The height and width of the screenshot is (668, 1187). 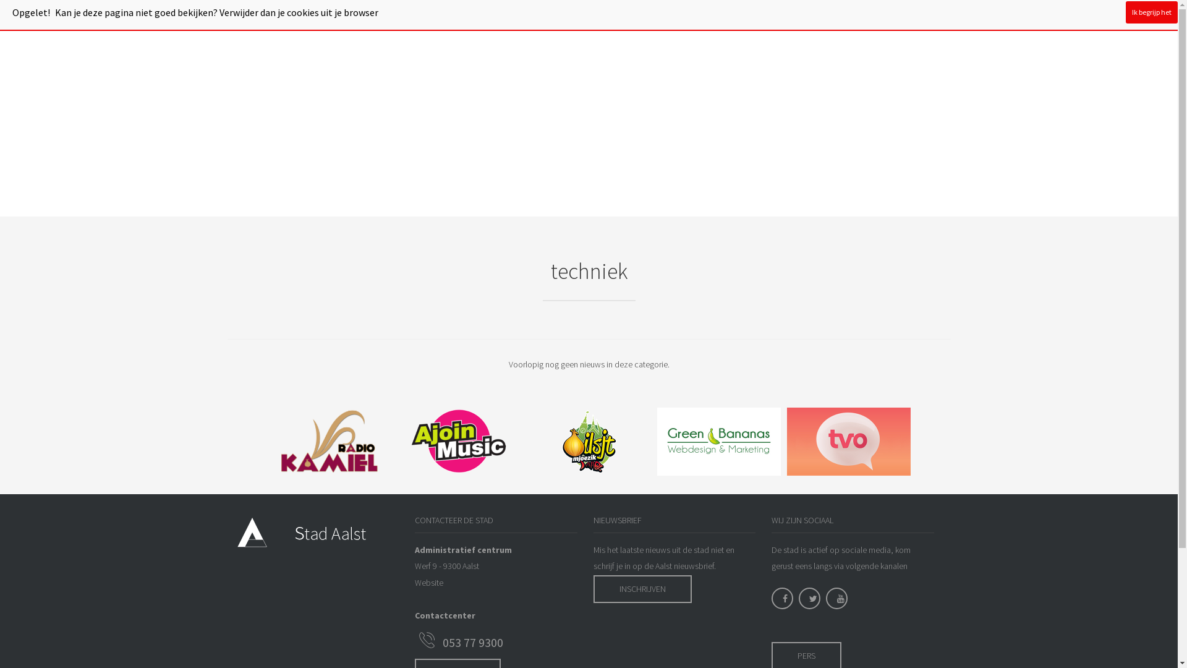 What do you see at coordinates (323, 15) in the screenshot?
I see `'HOME'` at bounding box center [323, 15].